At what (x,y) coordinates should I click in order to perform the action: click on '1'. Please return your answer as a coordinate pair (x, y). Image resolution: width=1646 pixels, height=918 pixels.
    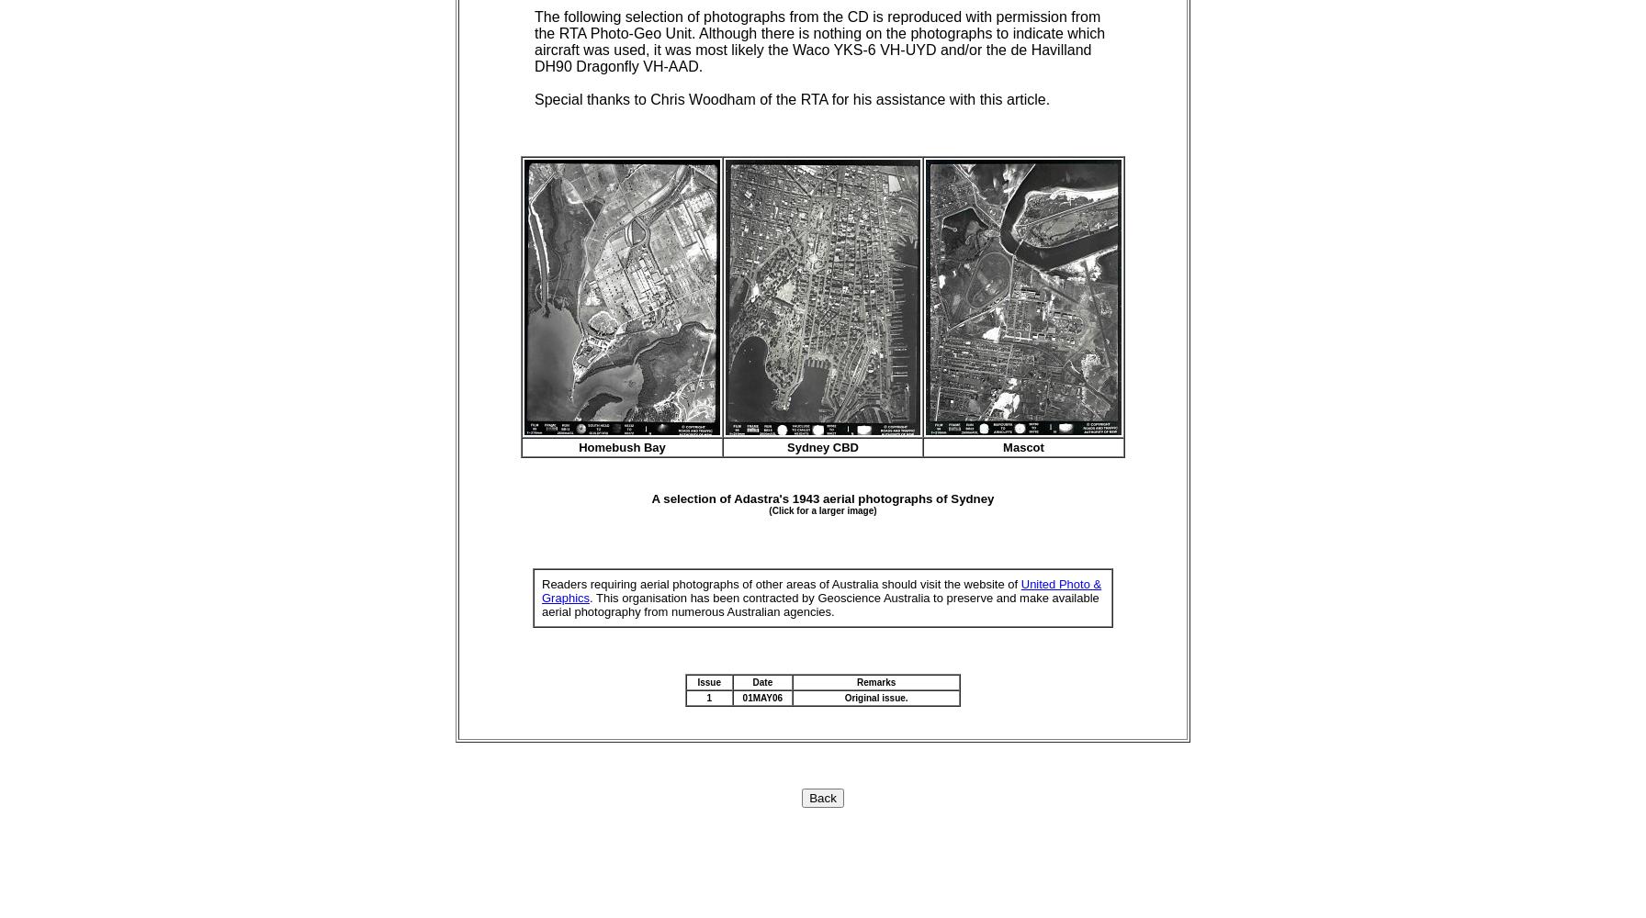
    Looking at the image, I should click on (708, 697).